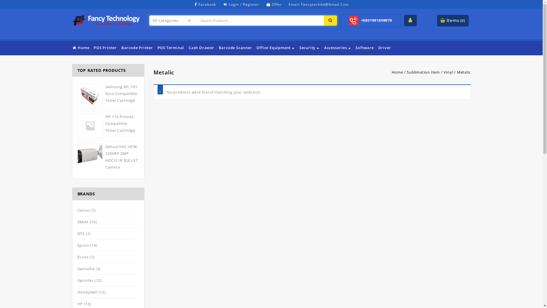  What do you see at coordinates (378, 47) in the screenshot?
I see `'Driver'` at bounding box center [378, 47].